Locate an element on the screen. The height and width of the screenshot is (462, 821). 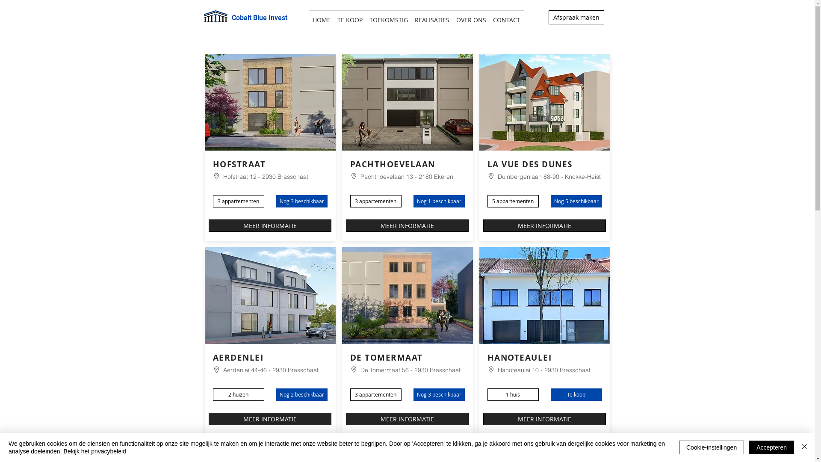
'Nog 1 beschikbaar' is located at coordinates (439, 201).